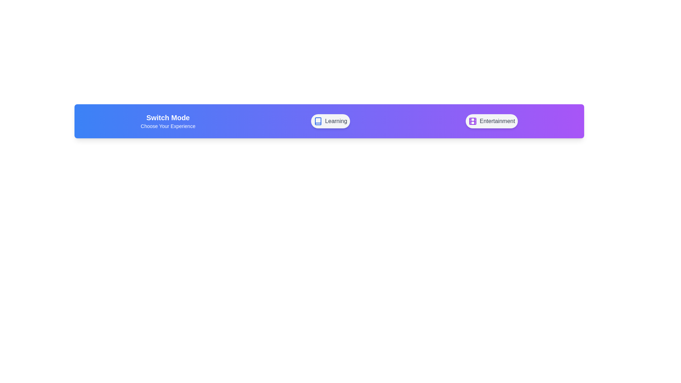 This screenshot has width=681, height=383. Describe the element at coordinates (330, 121) in the screenshot. I see `the 'Learning' button, the second button in a horizontally-stretched card with a gradient background` at that location.